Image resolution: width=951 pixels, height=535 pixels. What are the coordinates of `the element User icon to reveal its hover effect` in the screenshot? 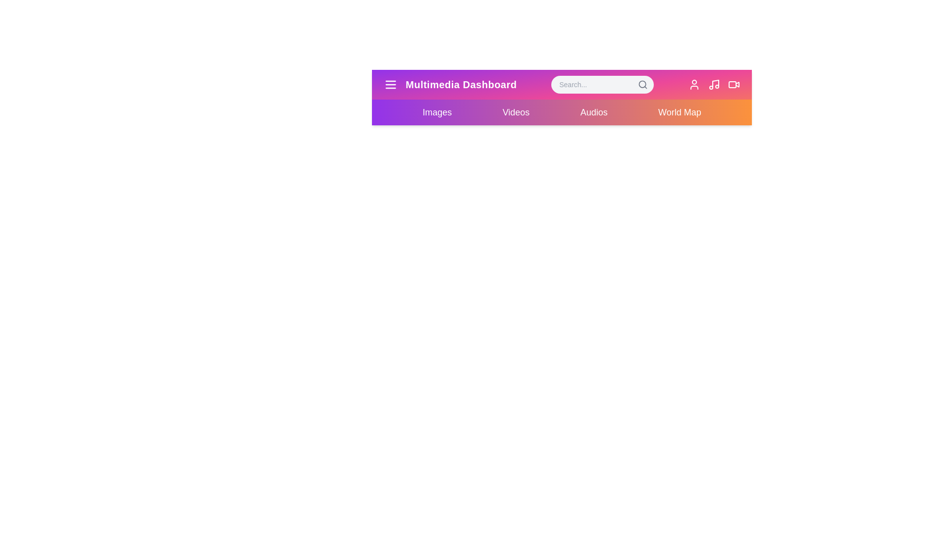 It's located at (693, 84).